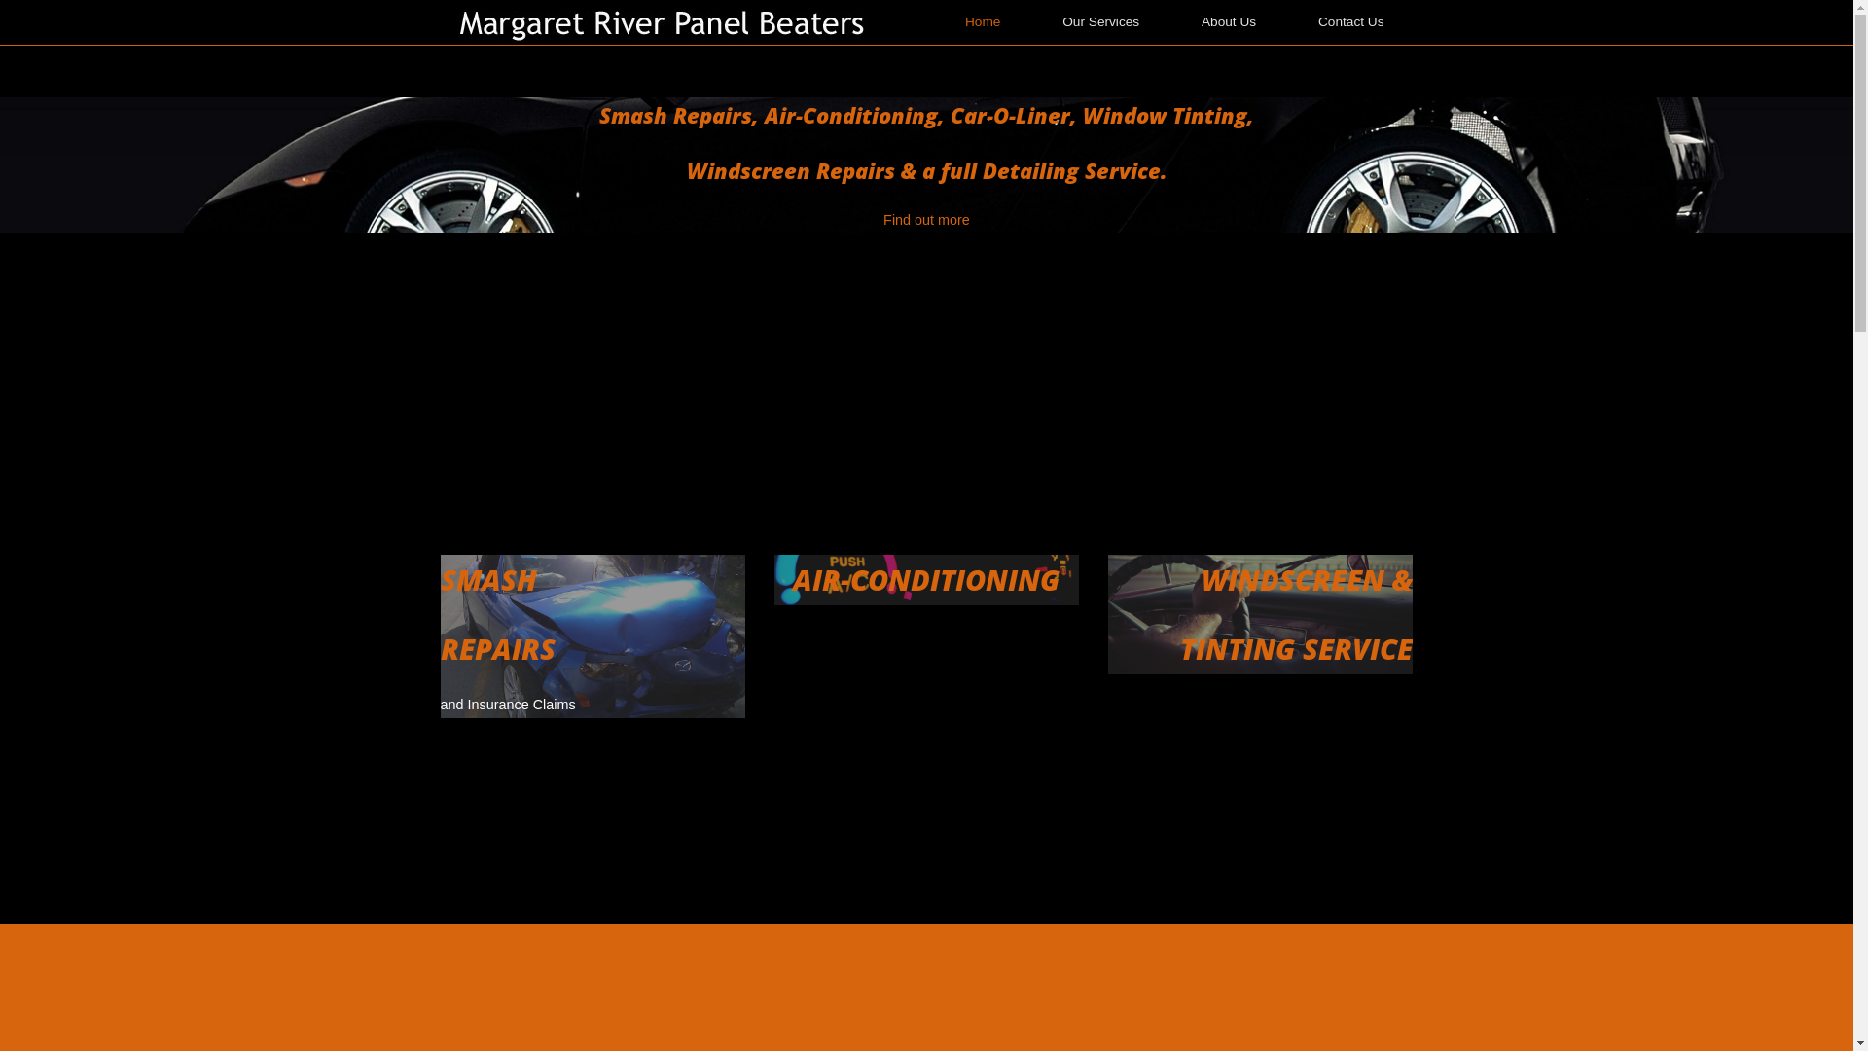 The width and height of the screenshot is (1868, 1051). I want to click on 'Contact Us', so click(1349, 22).